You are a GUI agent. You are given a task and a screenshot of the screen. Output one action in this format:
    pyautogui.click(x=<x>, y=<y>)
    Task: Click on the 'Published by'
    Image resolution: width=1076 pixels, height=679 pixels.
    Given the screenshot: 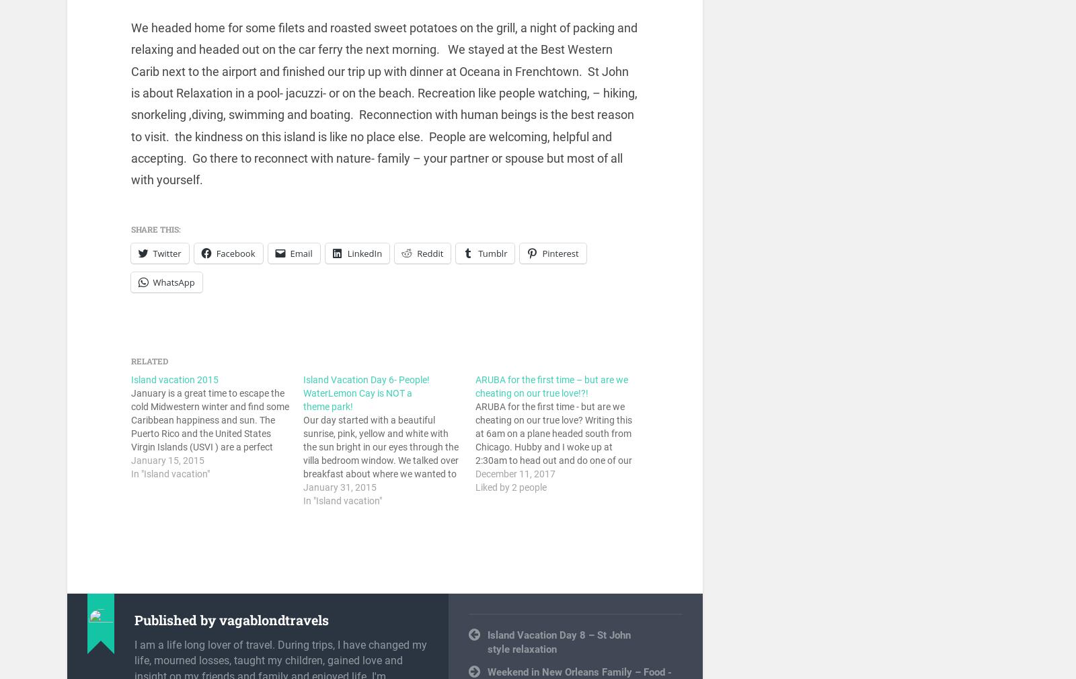 What is the action you would take?
    pyautogui.click(x=177, y=620)
    